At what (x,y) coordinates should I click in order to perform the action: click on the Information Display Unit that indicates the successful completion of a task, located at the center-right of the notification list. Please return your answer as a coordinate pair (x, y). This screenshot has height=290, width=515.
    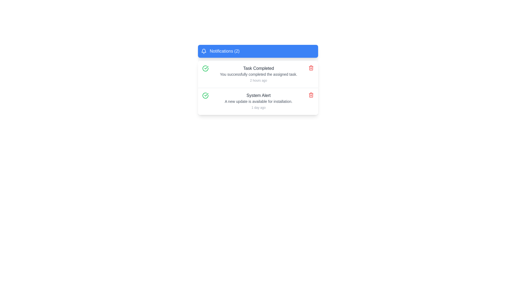
    Looking at the image, I should click on (259, 74).